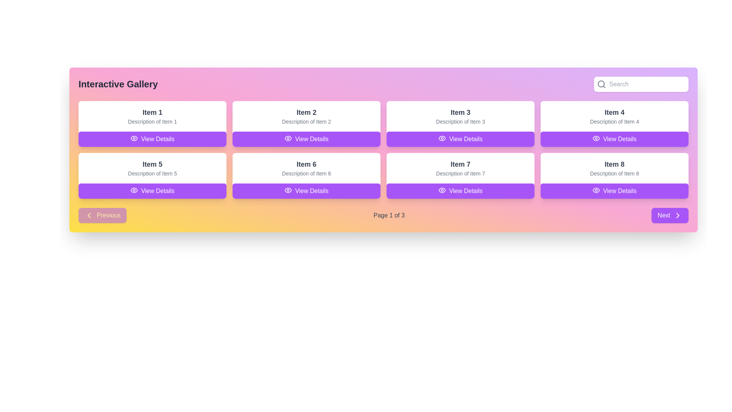 The height and width of the screenshot is (412, 732). What do you see at coordinates (677, 215) in the screenshot?
I see `the icon or SVG graphic that signifies direction, located to the right of the 'Next' button at the bottom right corner of the page` at bounding box center [677, 215].